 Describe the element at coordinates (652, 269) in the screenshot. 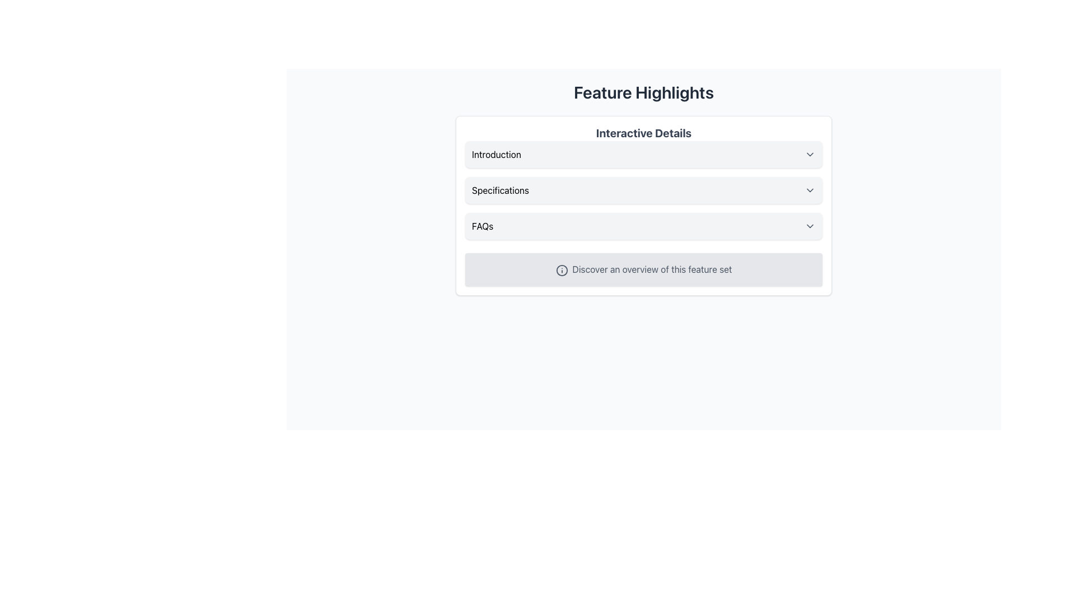

I see `text label displaying 'Discover an overview of this feature set' located at the bottom of the 'Interactive Details' section, next to an icon on the left` at that location.